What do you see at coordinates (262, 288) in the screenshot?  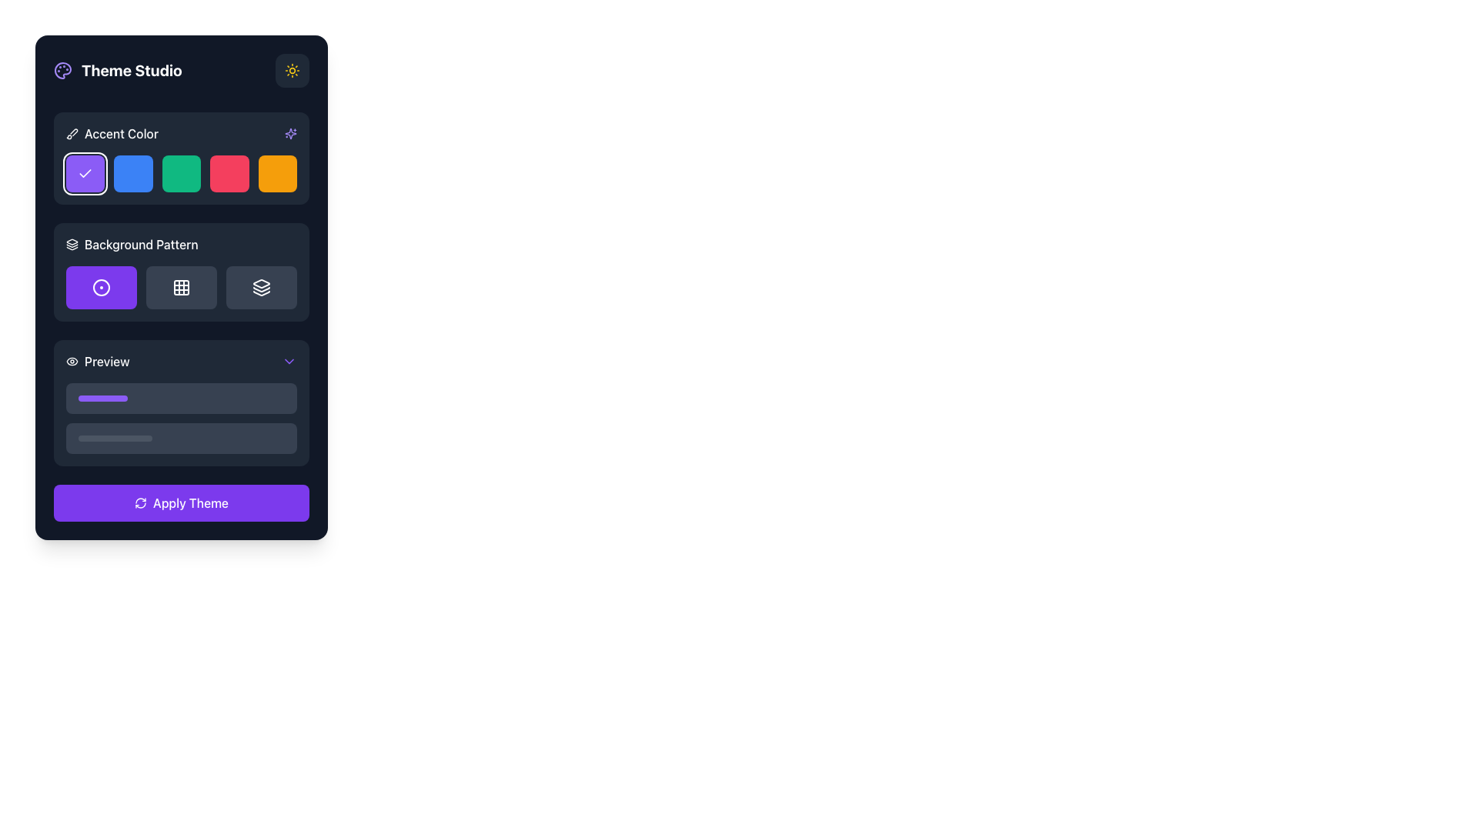 I see `the third icon button in the 'Background Pattern' section` at bounding box center [262, 288].